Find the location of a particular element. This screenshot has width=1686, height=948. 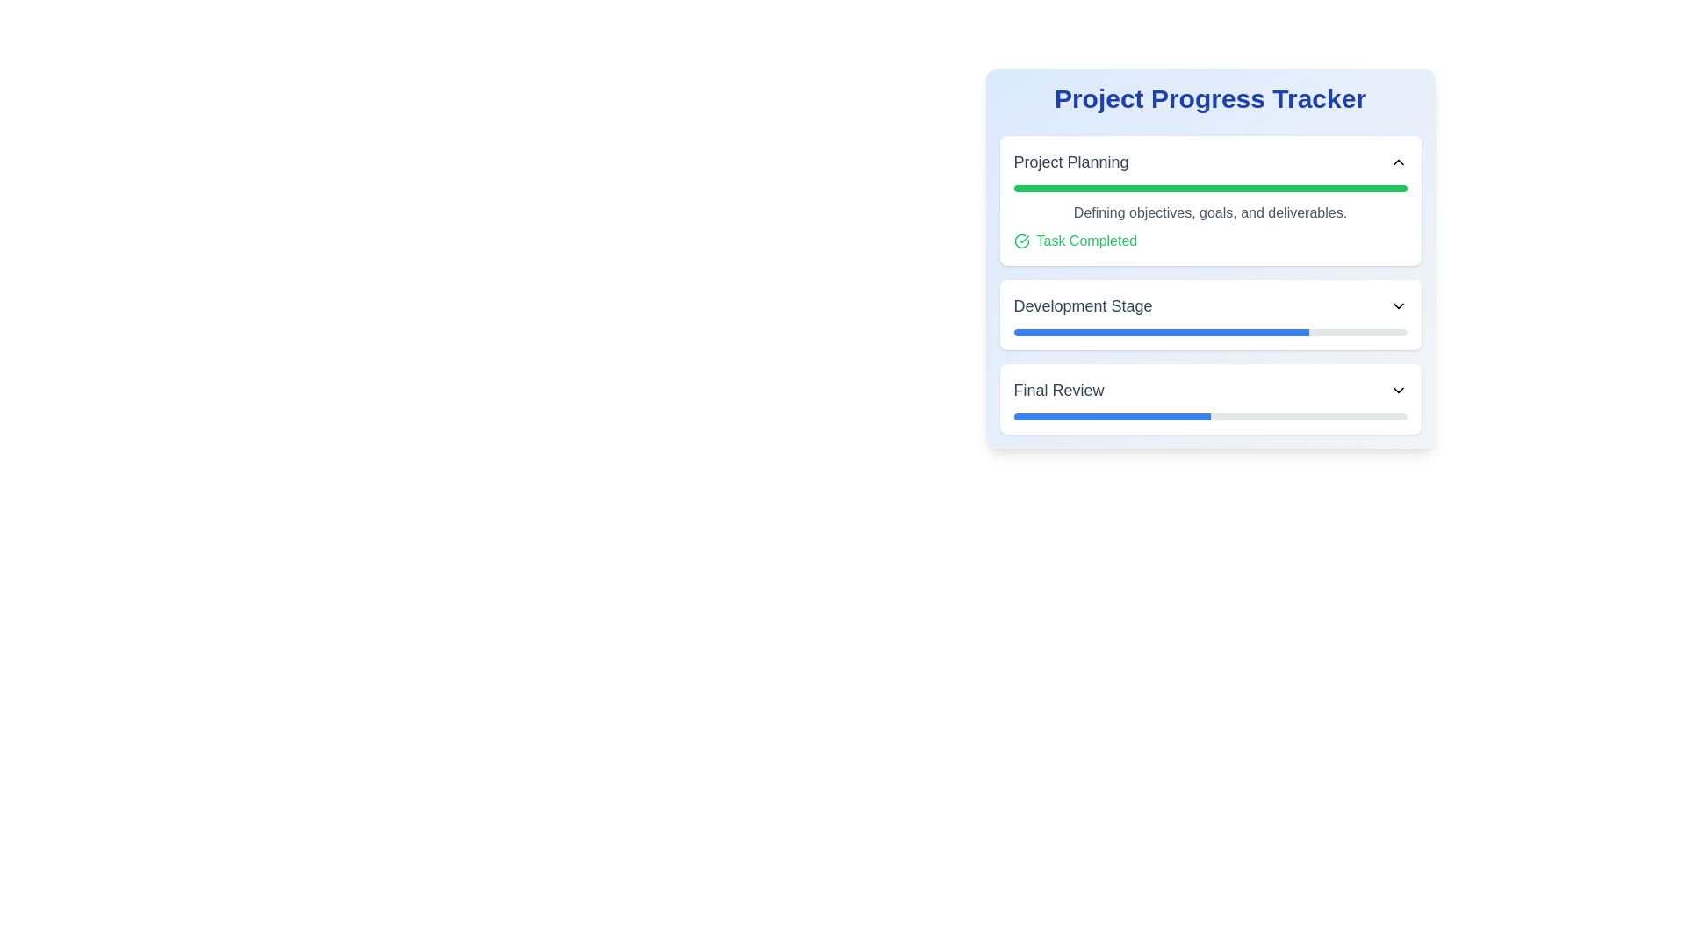

the text block displaying 'Defining objectives, goals, and deliverables.' and 'Task Completed' with a green checkmark icon, located in the 'Project Planning' area of the 'Project Progress Tracker' card is located at coordinates (1209, 226).